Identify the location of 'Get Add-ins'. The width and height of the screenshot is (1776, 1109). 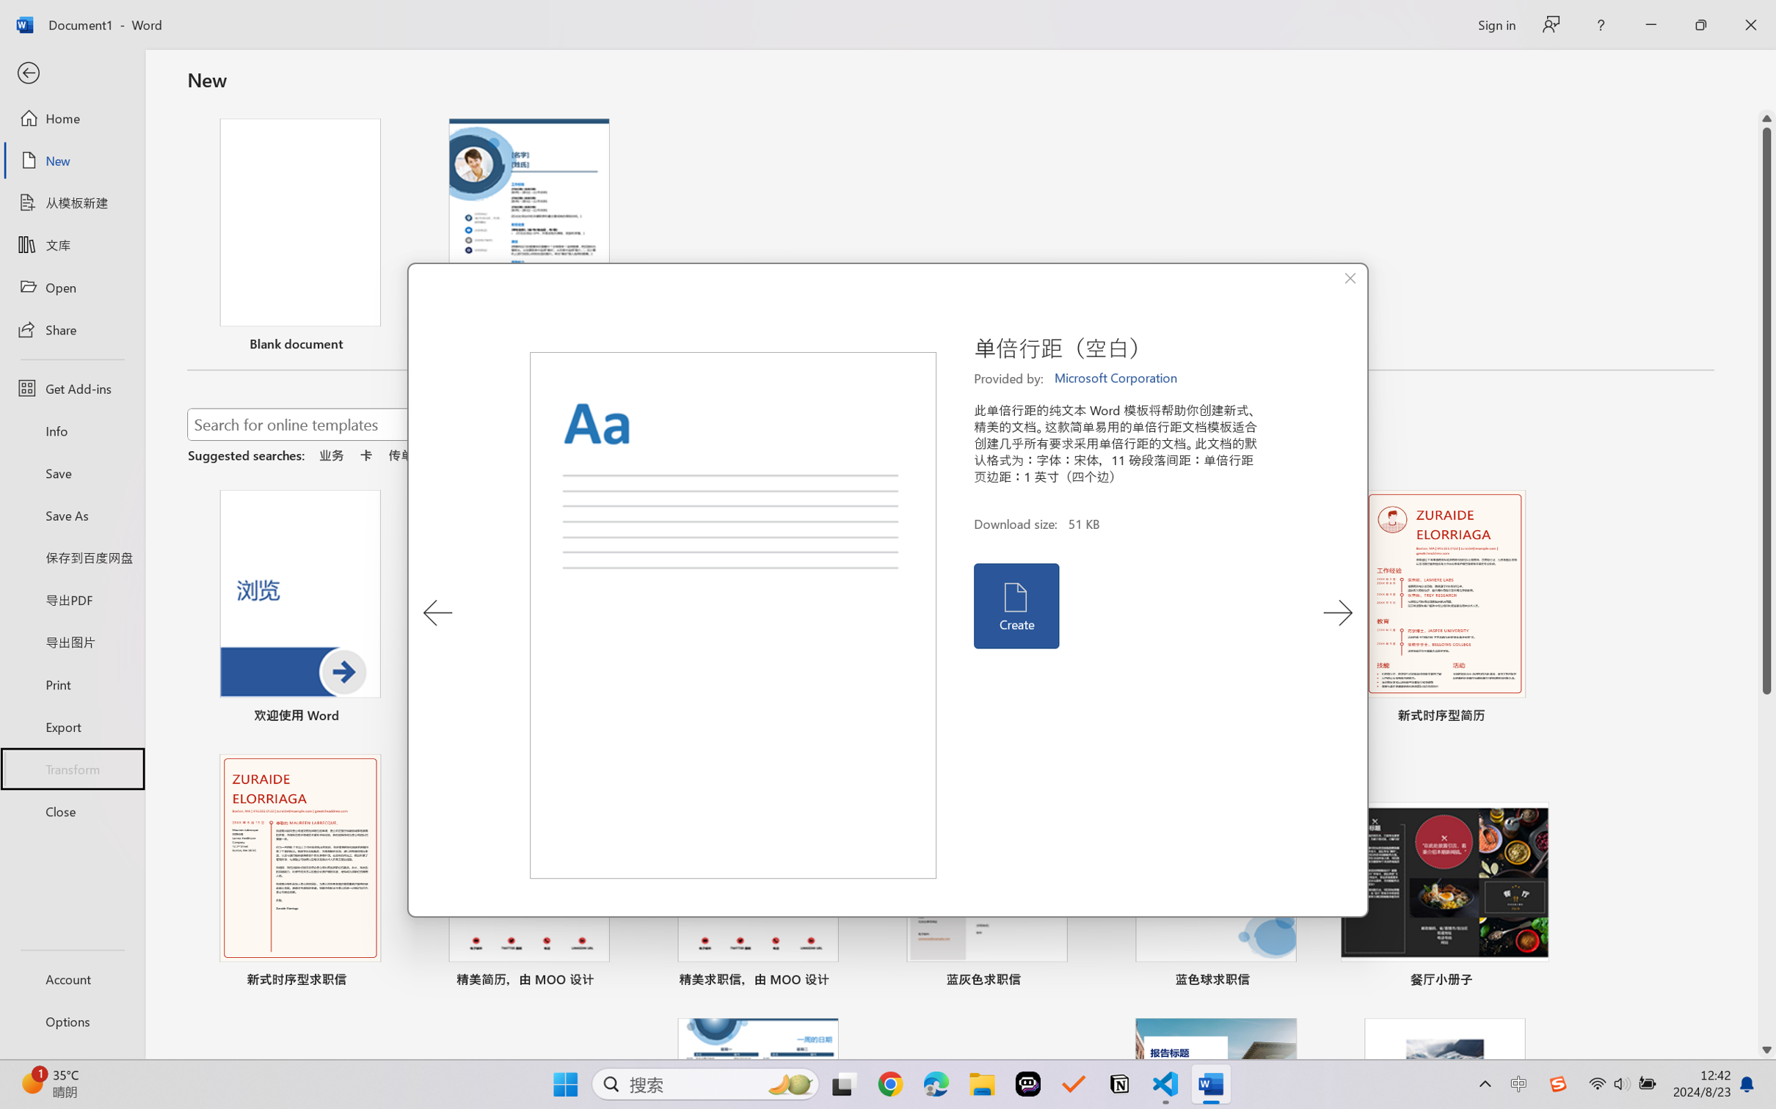
(71, 387).